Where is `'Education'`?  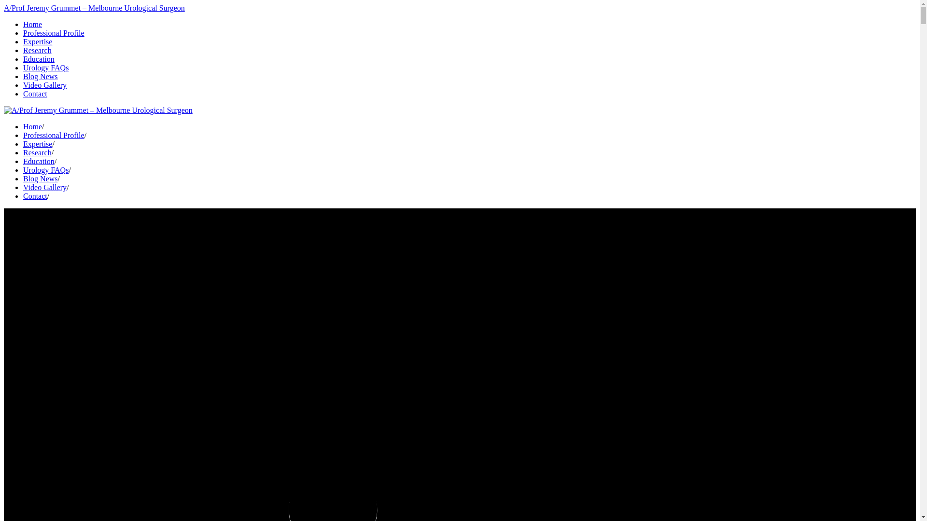 'Education' is located at coordinates (39, 161).